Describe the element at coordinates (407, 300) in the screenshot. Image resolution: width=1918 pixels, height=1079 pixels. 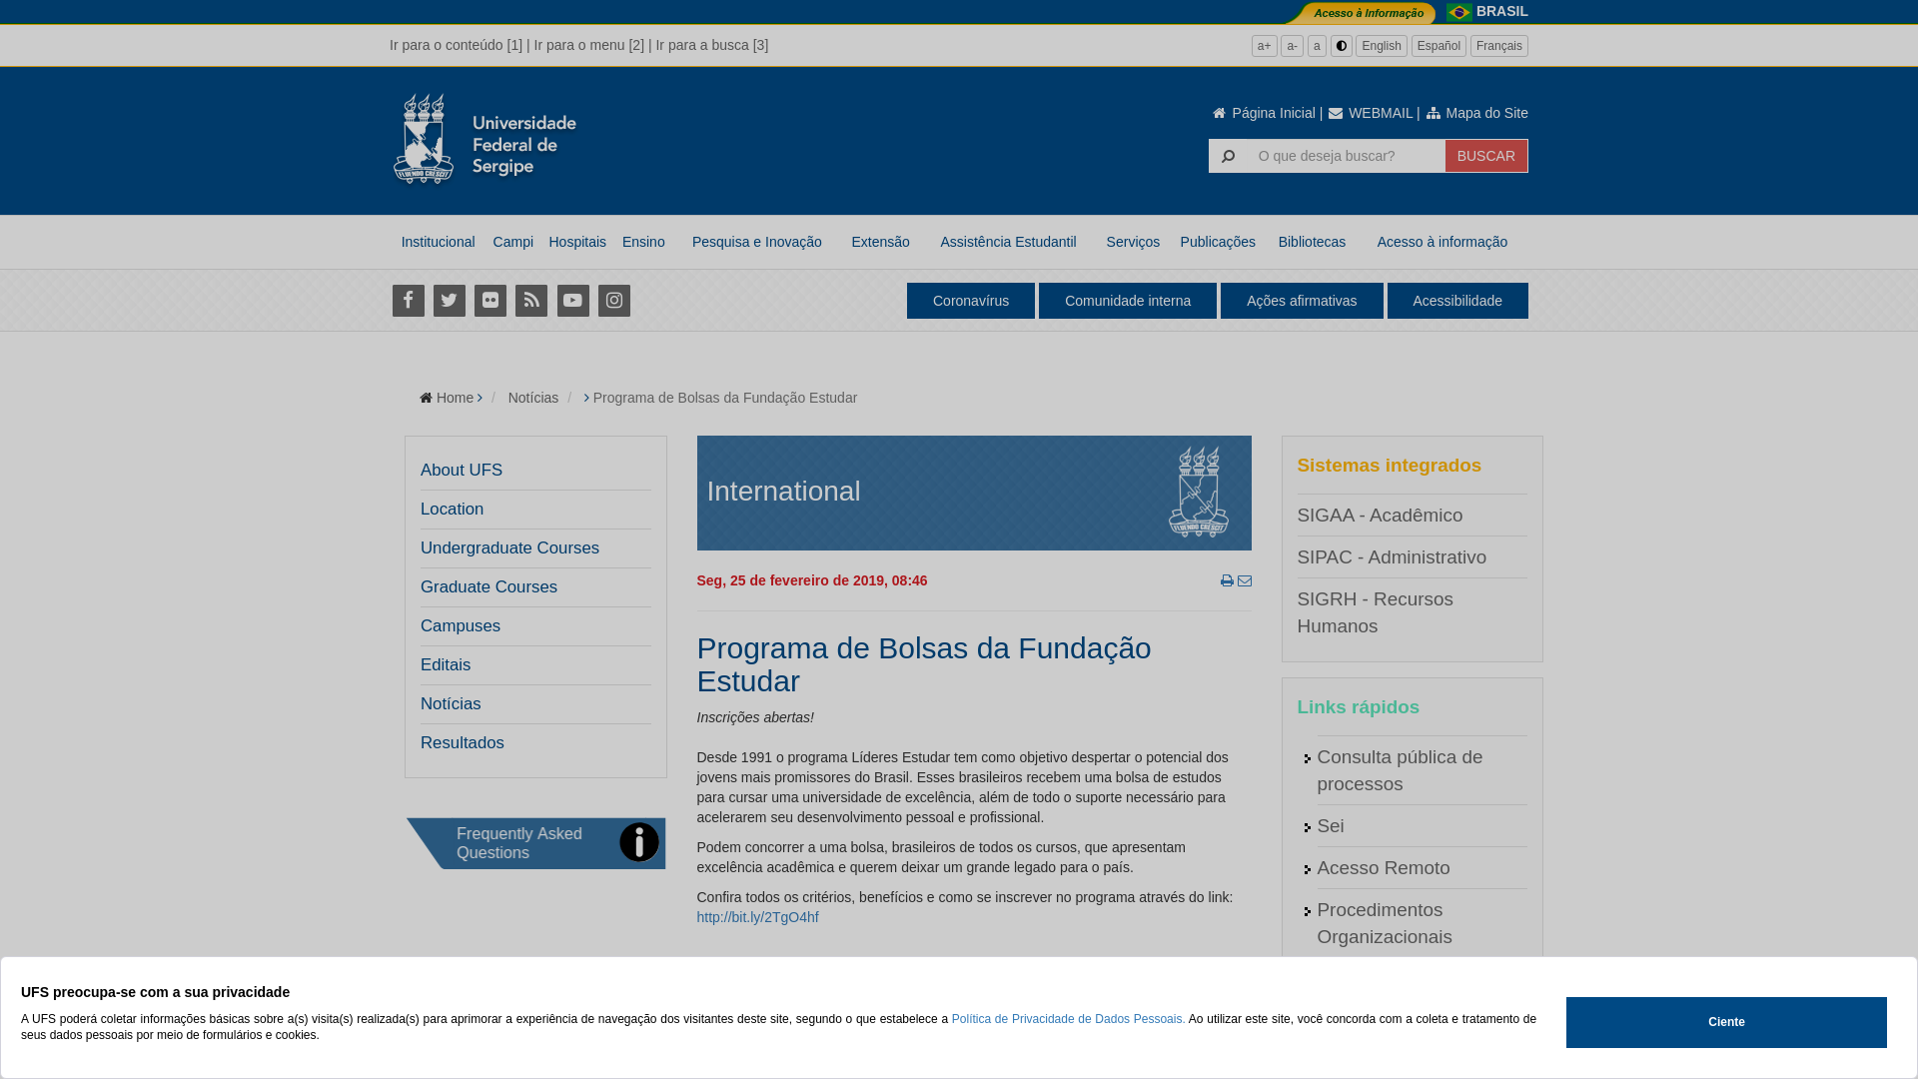
I see `'Facebook'` at that location.